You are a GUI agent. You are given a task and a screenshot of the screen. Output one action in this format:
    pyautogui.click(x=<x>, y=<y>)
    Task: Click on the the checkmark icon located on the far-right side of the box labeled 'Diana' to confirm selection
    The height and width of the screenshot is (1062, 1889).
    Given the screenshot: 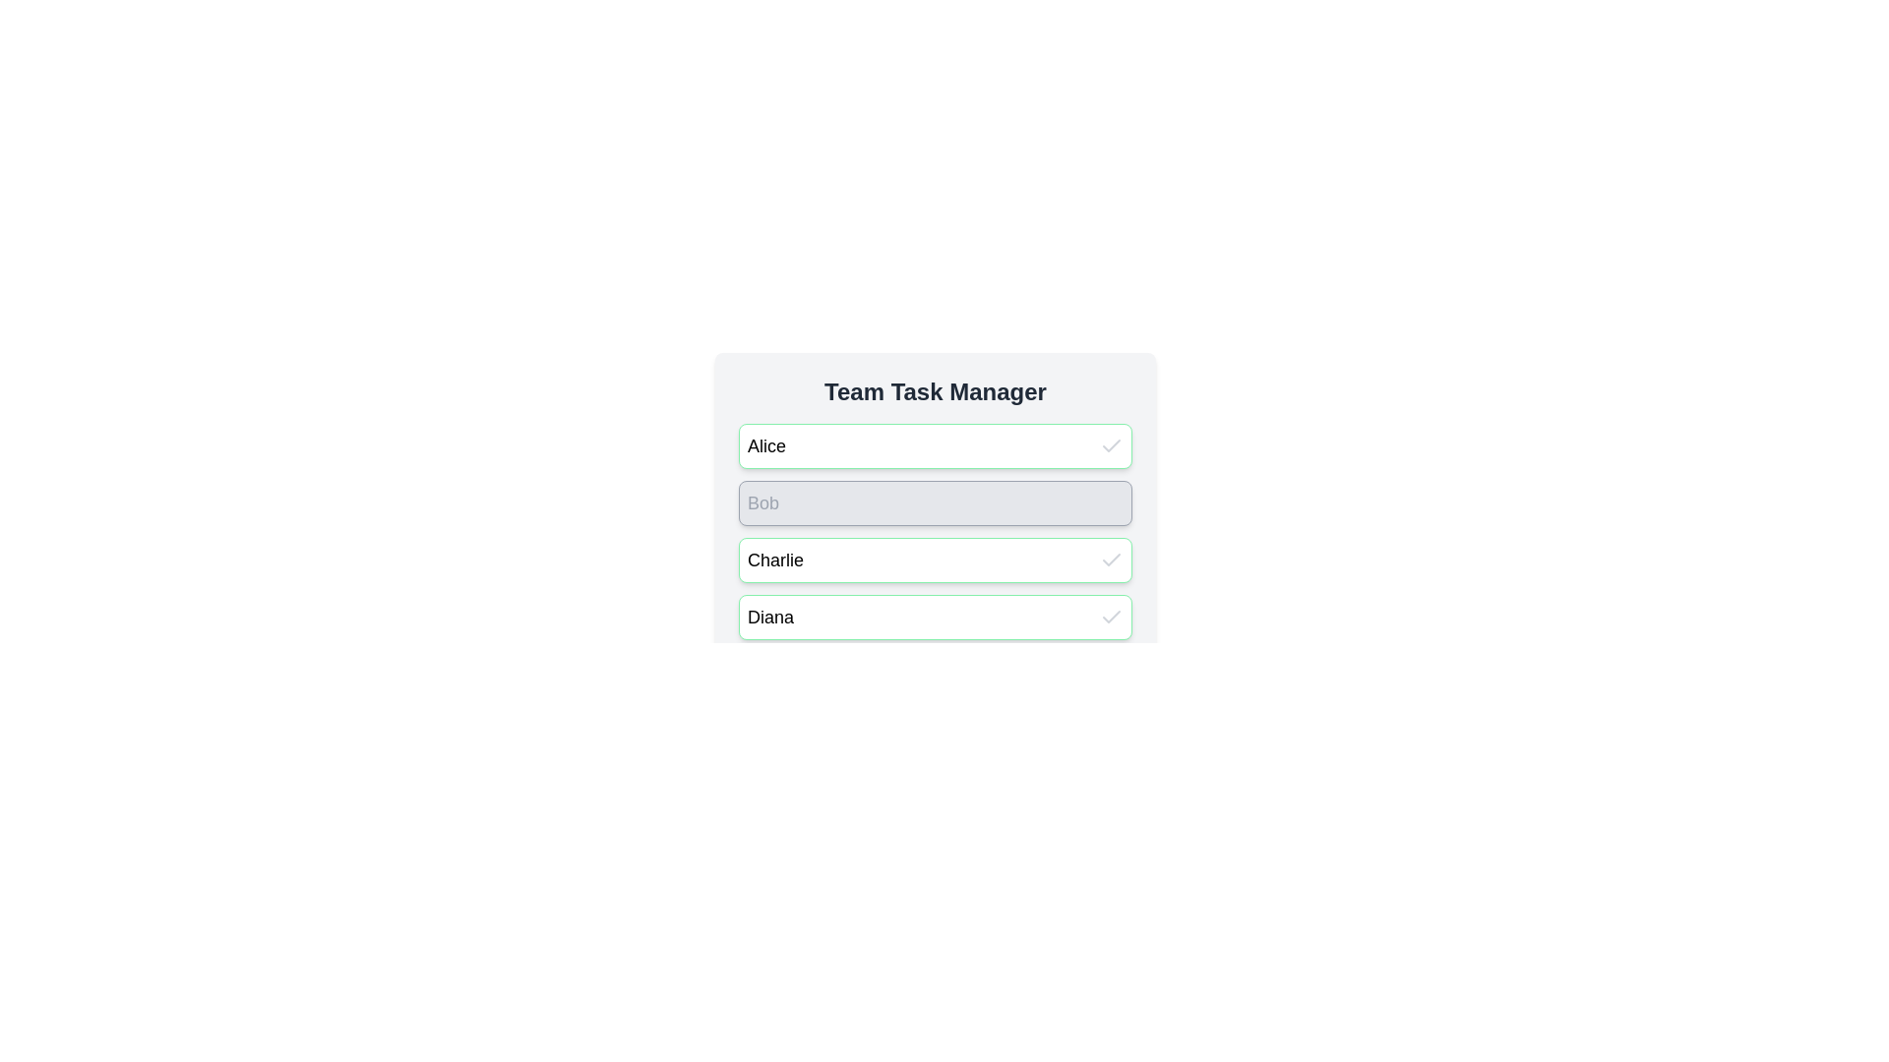 What is the action you would take?
    pyautogui.click(x=1111, y=617)
    